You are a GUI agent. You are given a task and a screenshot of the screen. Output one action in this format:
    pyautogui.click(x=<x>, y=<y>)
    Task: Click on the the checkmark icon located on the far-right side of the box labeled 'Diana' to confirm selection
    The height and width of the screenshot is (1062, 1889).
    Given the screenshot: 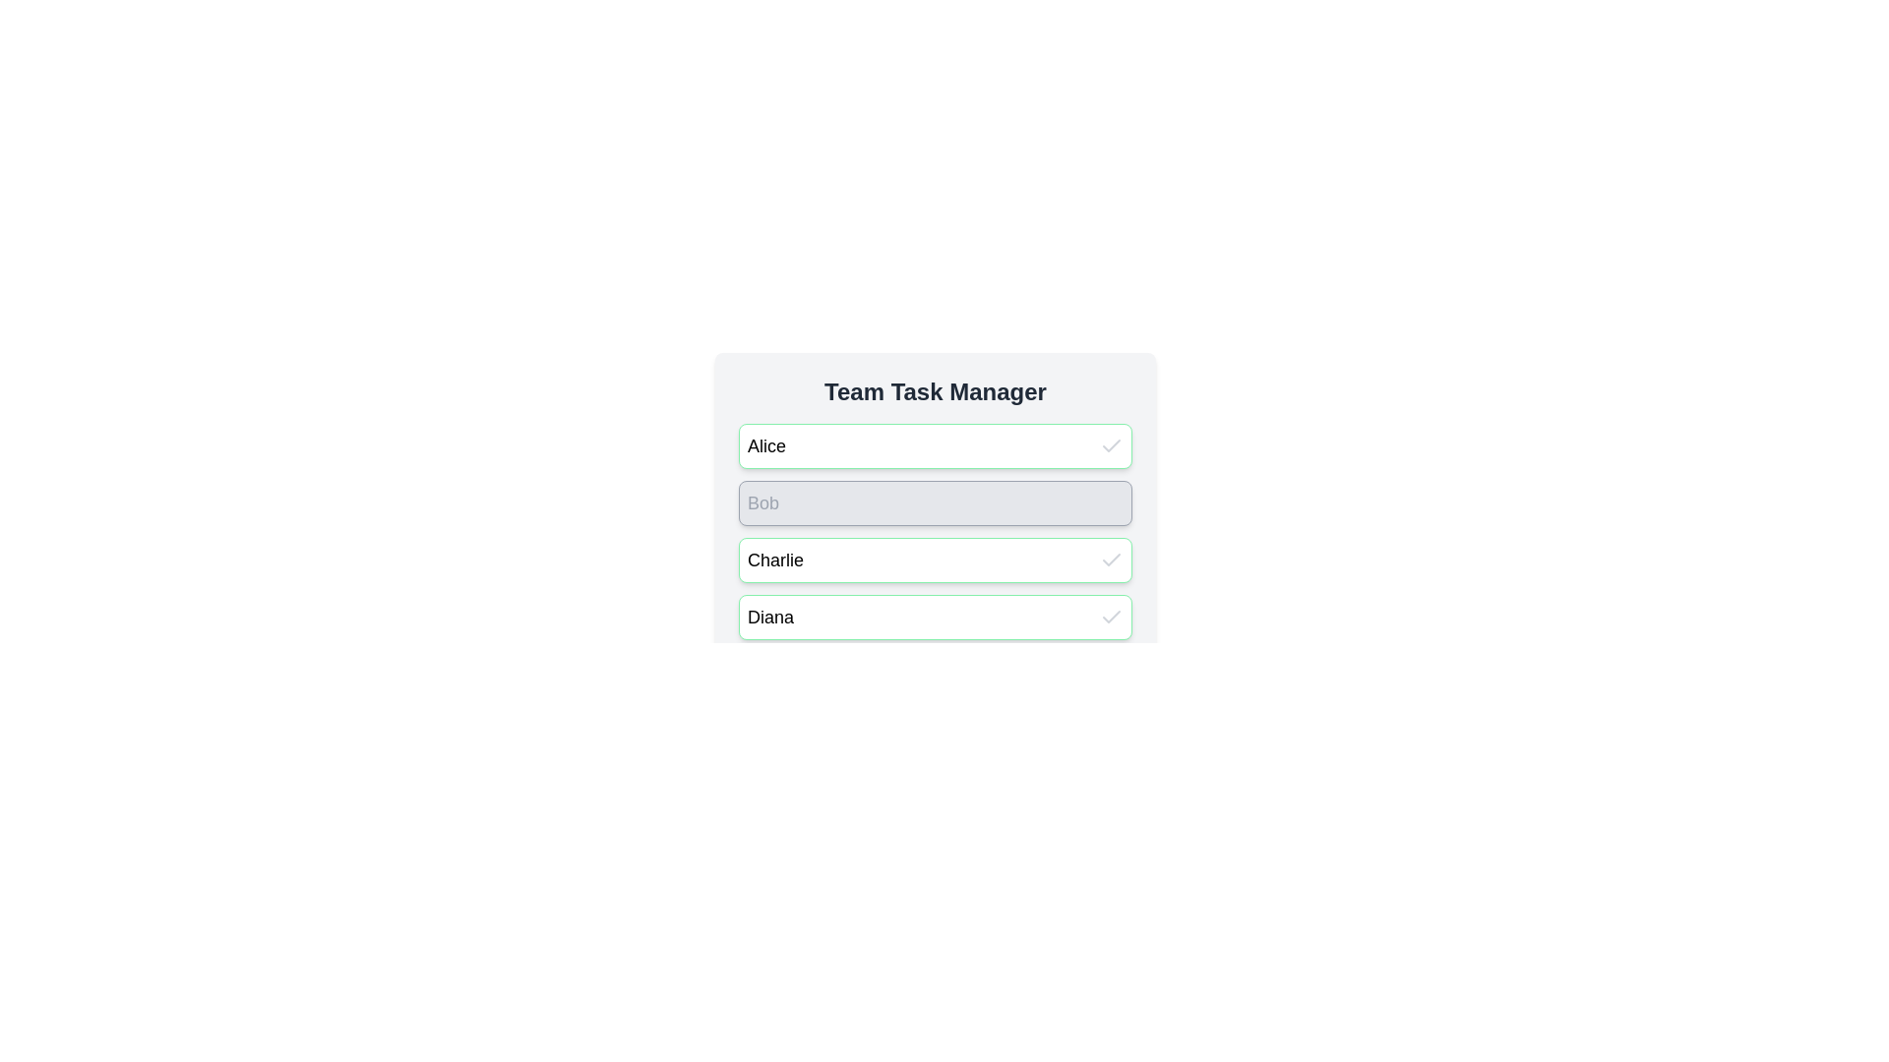 What is the action you would take?
    pyautogui.click(x=1111, y=617)
    